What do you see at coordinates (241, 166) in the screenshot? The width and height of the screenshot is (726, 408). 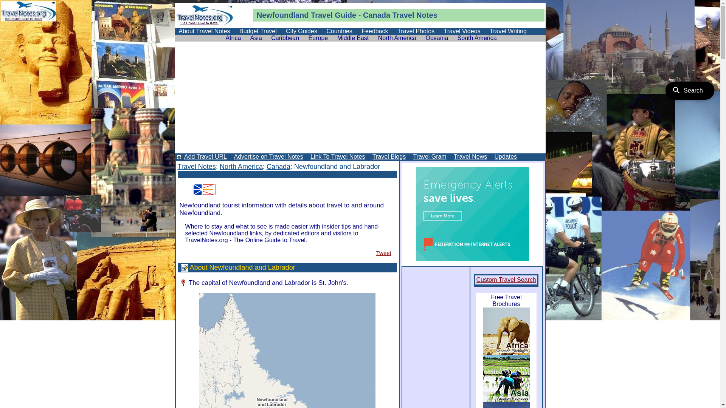 I see `'North America'` at bounding box center [241, 166].